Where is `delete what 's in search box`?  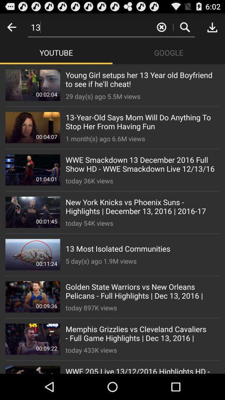
delete what 's in search box is located at coordinates (161, 27).